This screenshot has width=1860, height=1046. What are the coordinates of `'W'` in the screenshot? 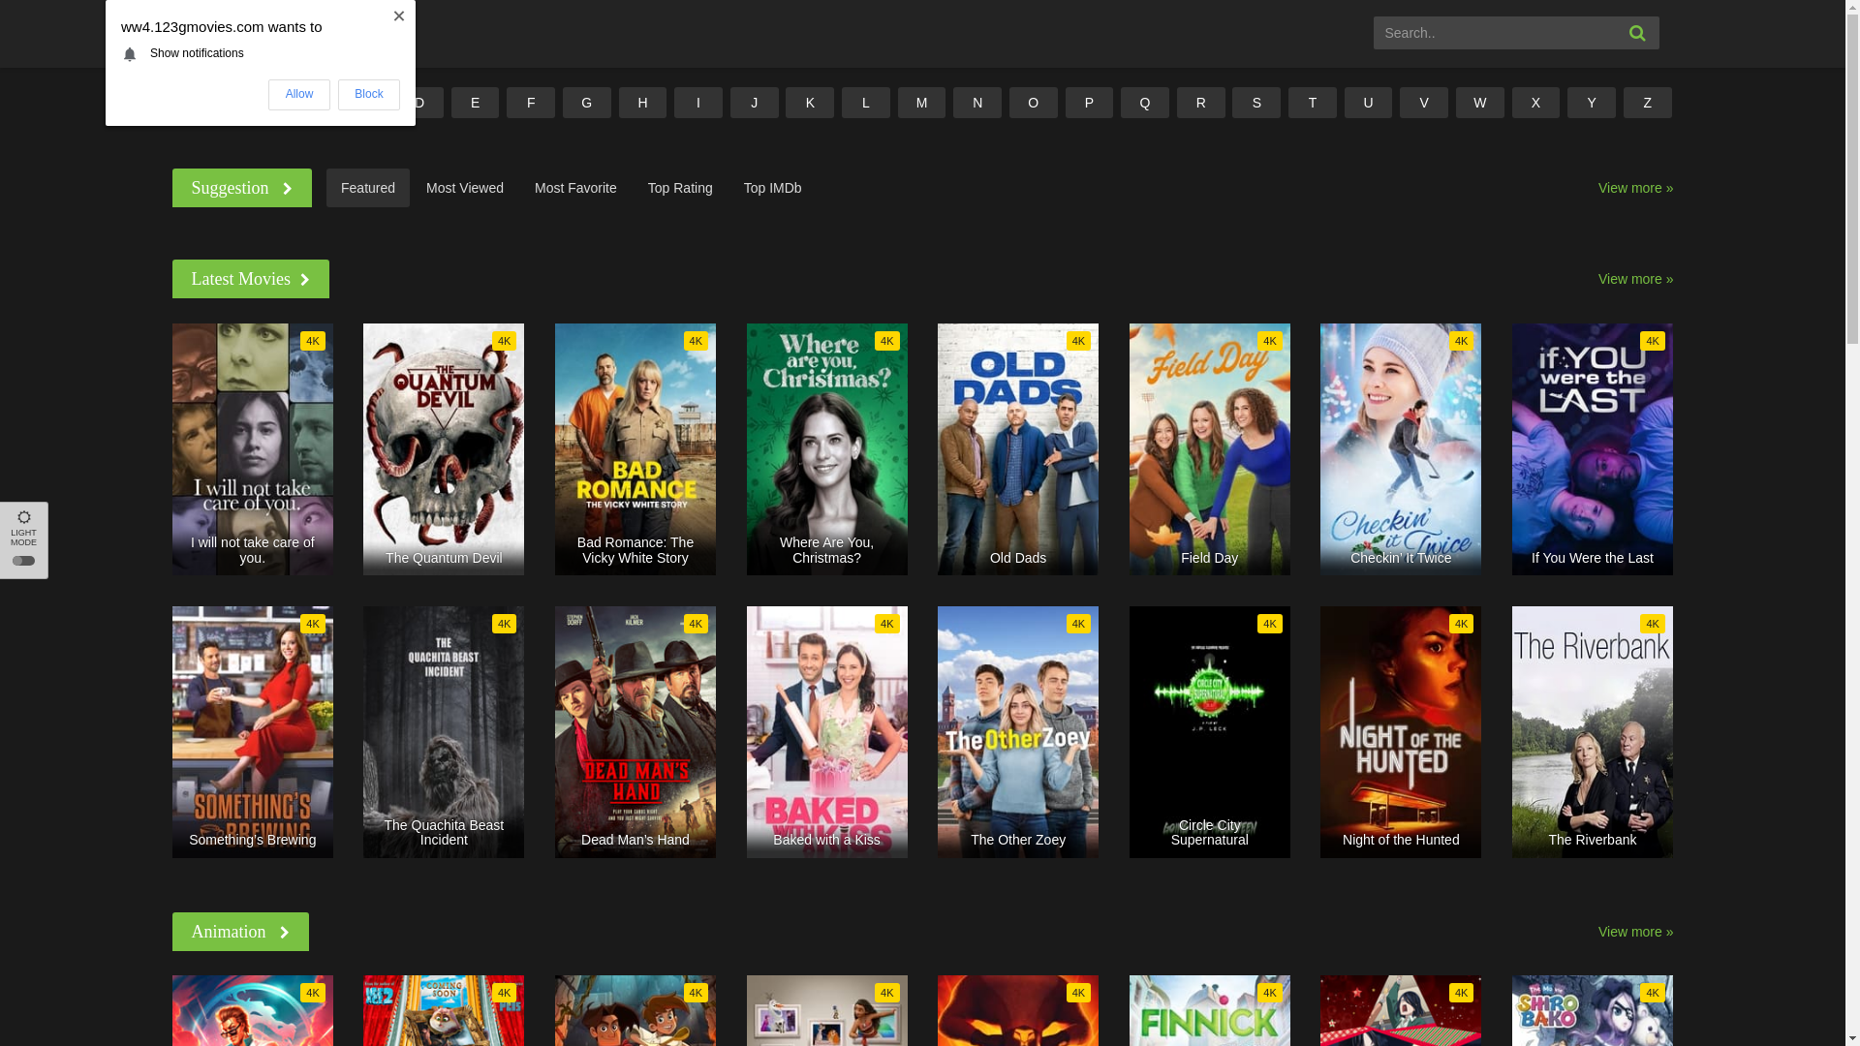 It's located at (1478, 102).